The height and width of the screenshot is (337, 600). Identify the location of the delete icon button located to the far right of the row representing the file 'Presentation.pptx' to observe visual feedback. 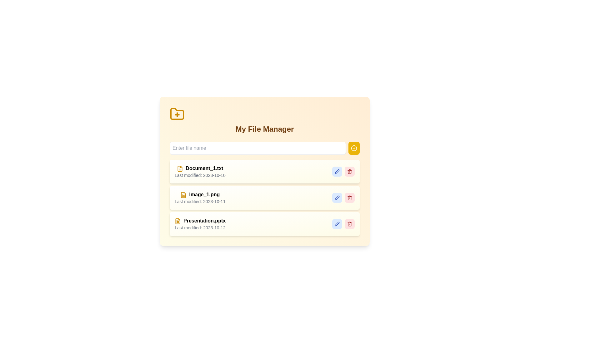
(349, 223).